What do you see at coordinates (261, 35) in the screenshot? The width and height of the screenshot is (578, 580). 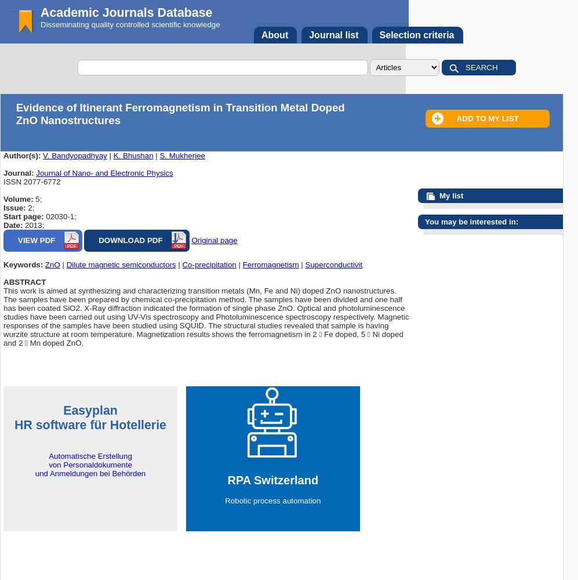 I see `'About'` at bounding box center [261, 35].